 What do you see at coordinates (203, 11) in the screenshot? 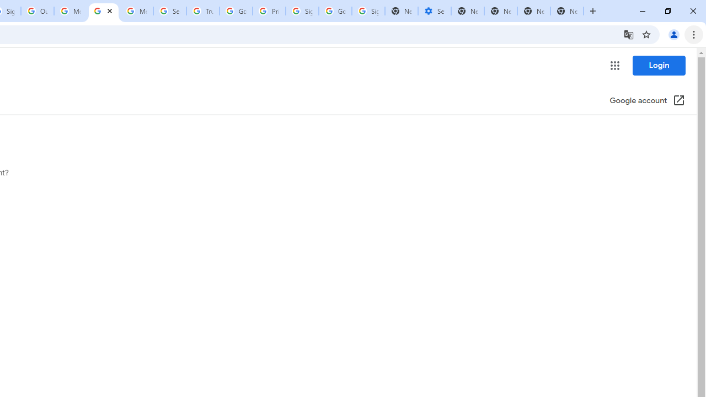
I see `'Trusted Information and Content - Google Safety Center'` at bounding box center [203, 11].